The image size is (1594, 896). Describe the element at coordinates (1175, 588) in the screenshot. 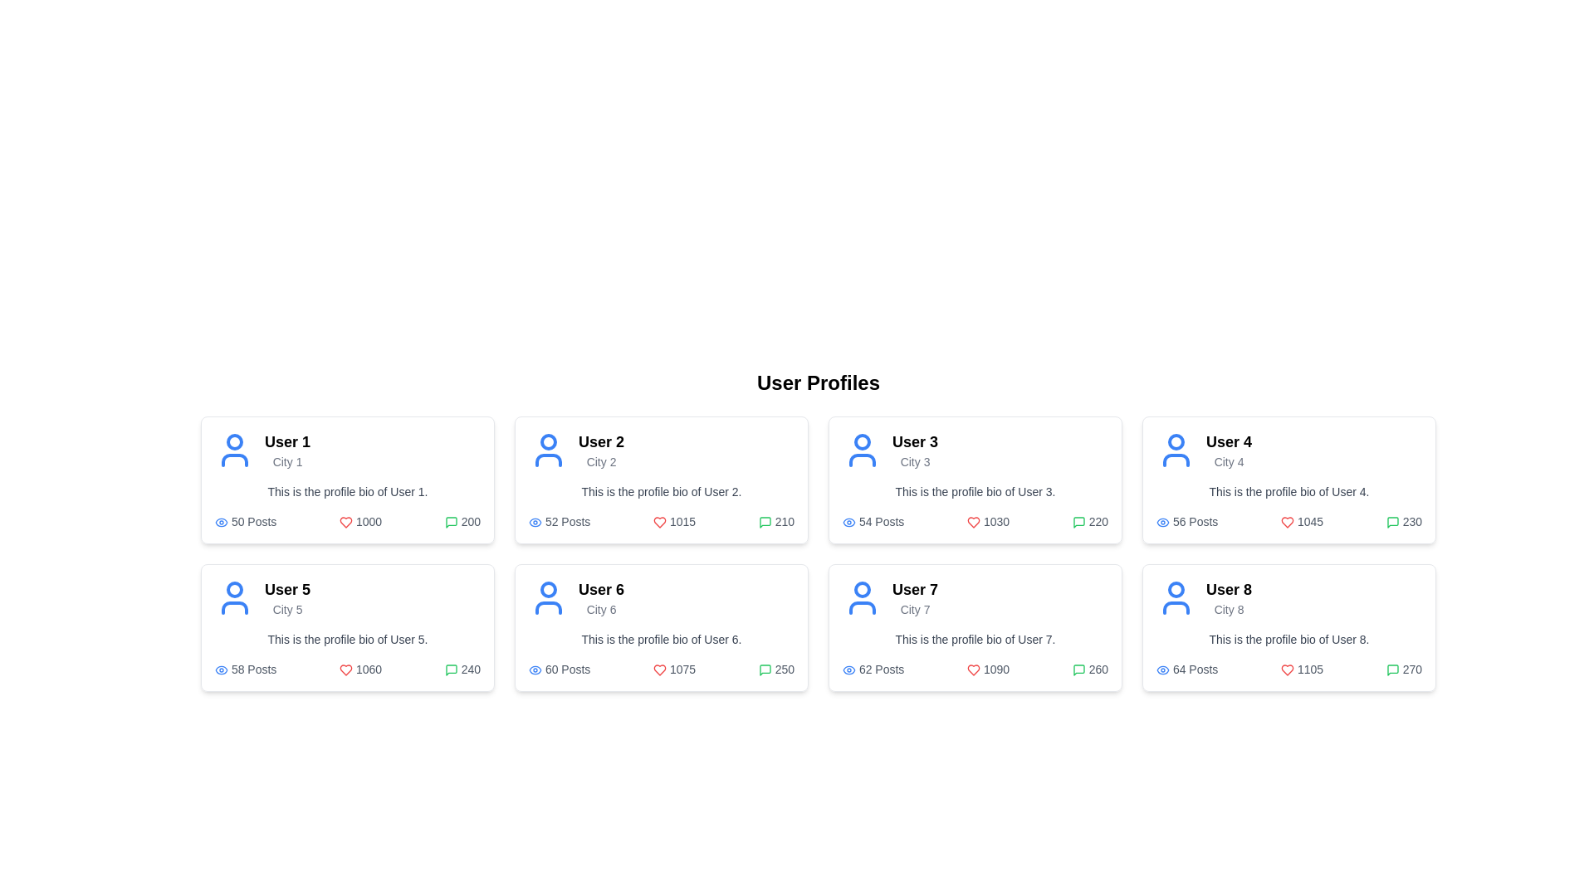

I see `the circular top component of the user profile icon located in the bottom-right corner of the layout` at that location.